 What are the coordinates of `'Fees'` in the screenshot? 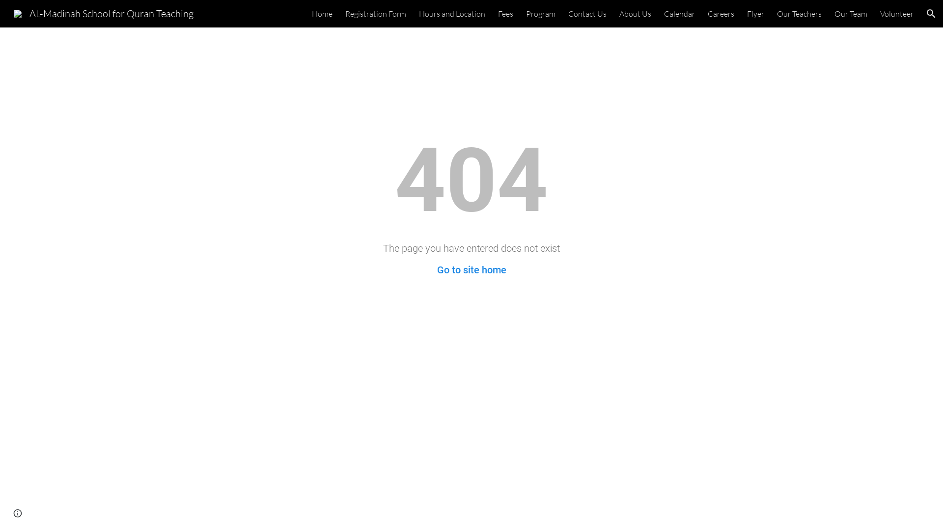 It's located at (505, 13).